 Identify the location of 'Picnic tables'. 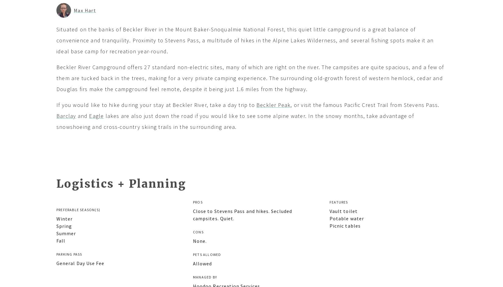
(345, 225).